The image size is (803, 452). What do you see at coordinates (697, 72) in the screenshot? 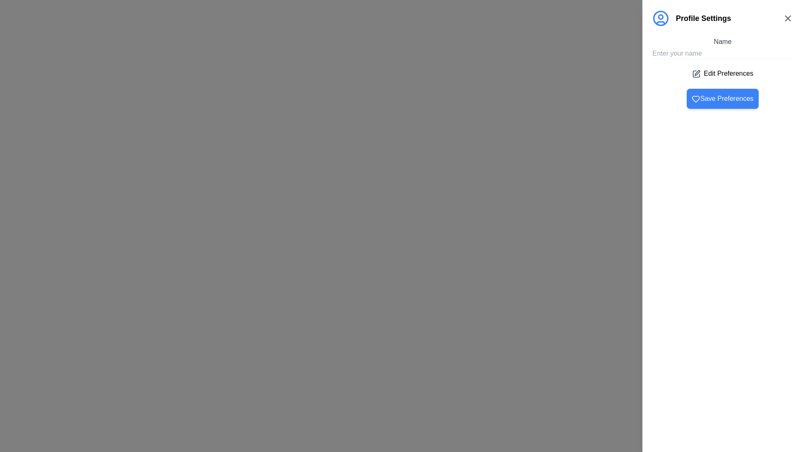
I see `the 'Edit Preferences' button, which is represented by an icon for editing user preferences, located slightly above the 'Save Preferences' button in the settings panel` at bounding box center [697, 72].